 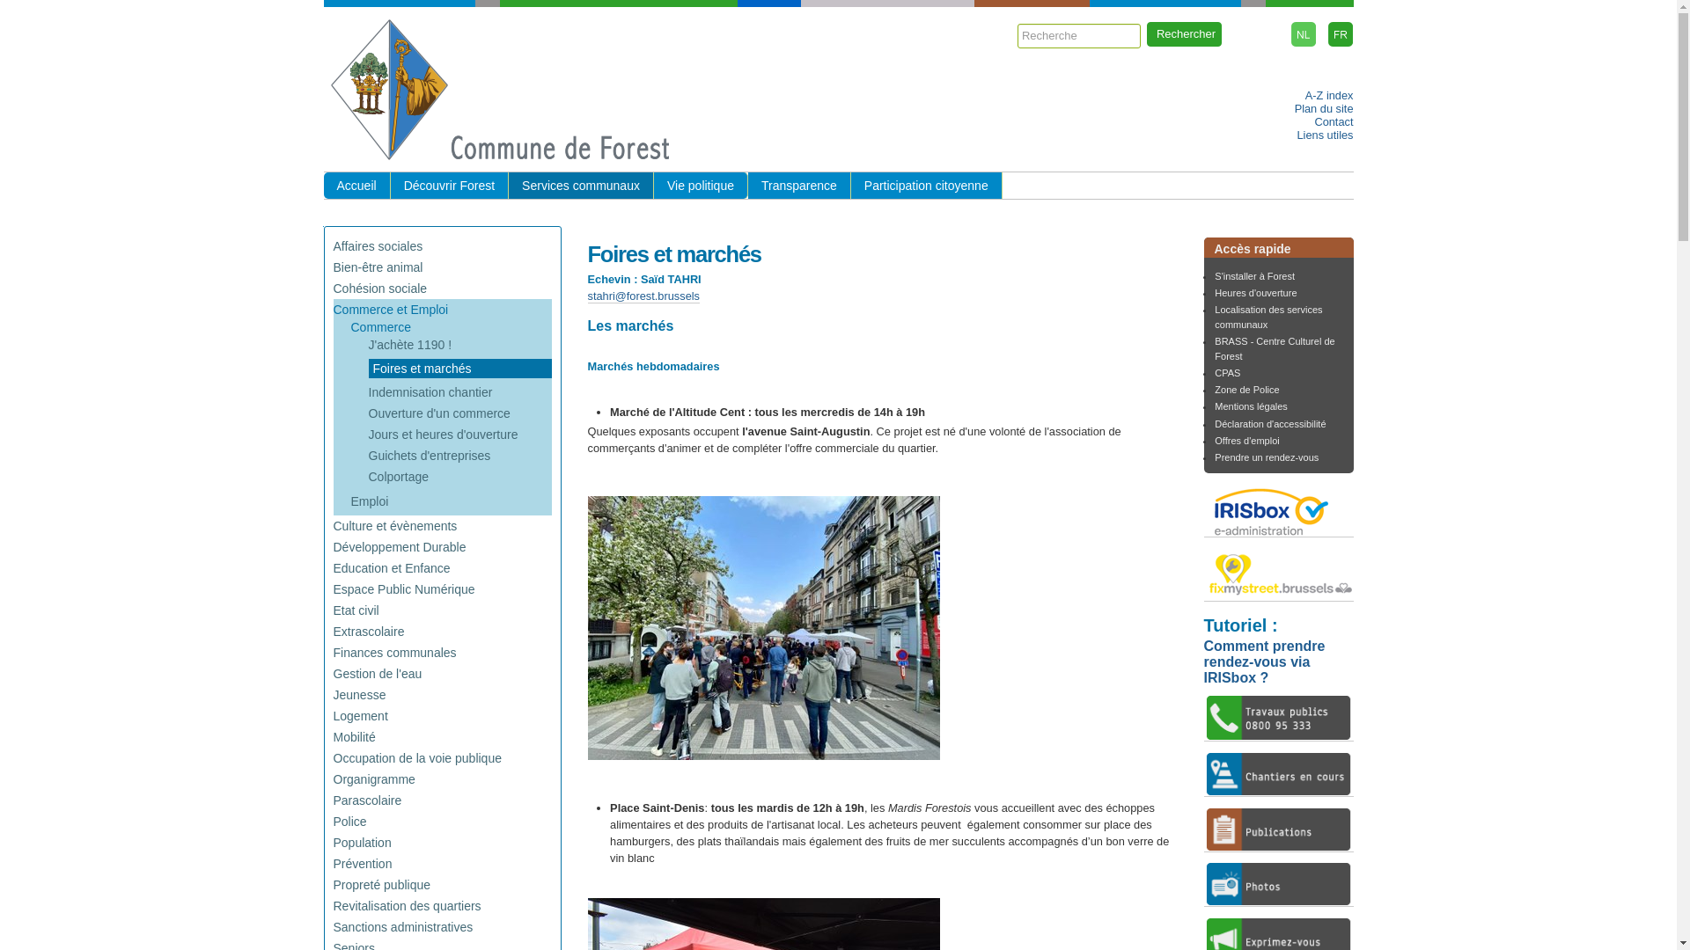 I want to click on 'Ouverture d'un commerce', so click(x=438, y=413).